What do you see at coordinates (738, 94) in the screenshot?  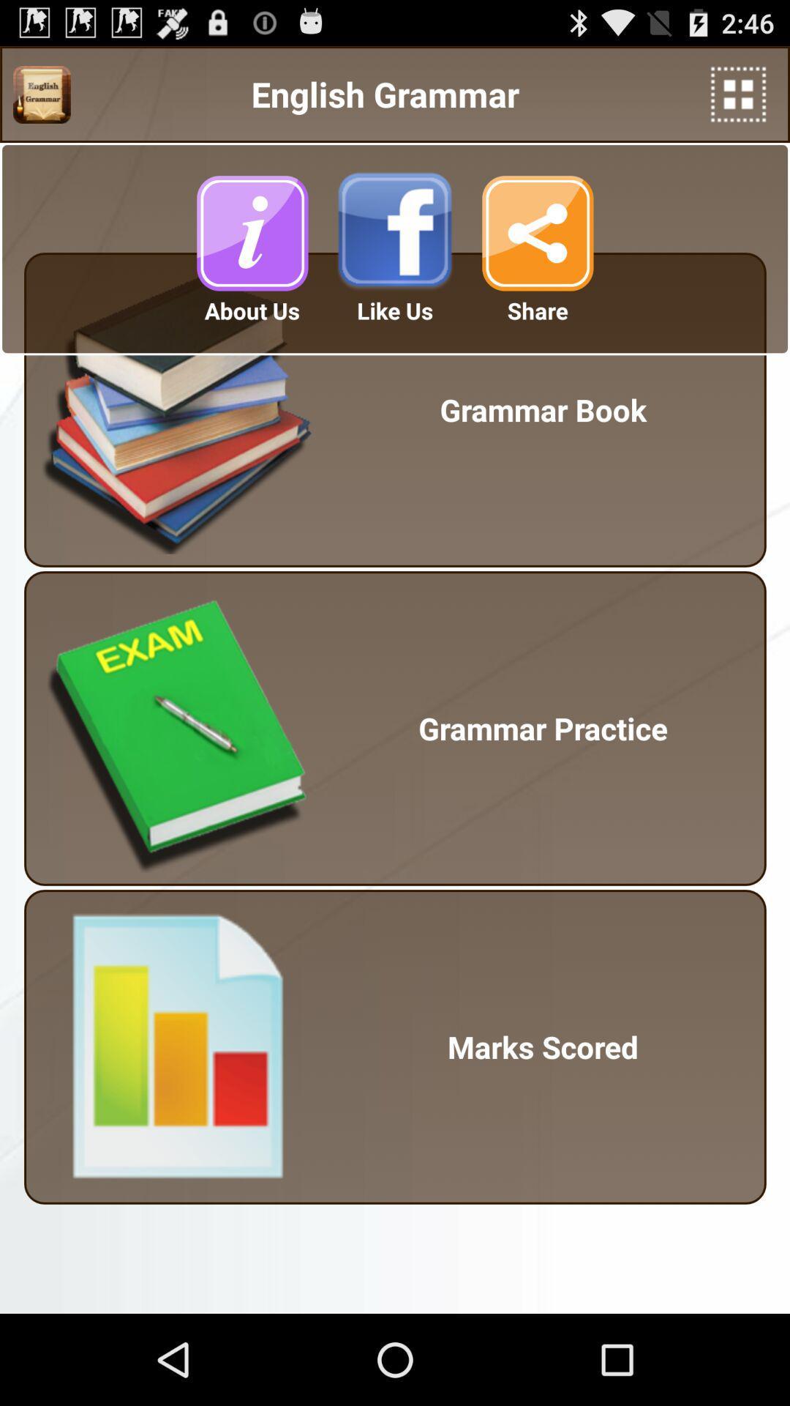 I see `icon above grammar book icon` at bounding box center [738, 94].